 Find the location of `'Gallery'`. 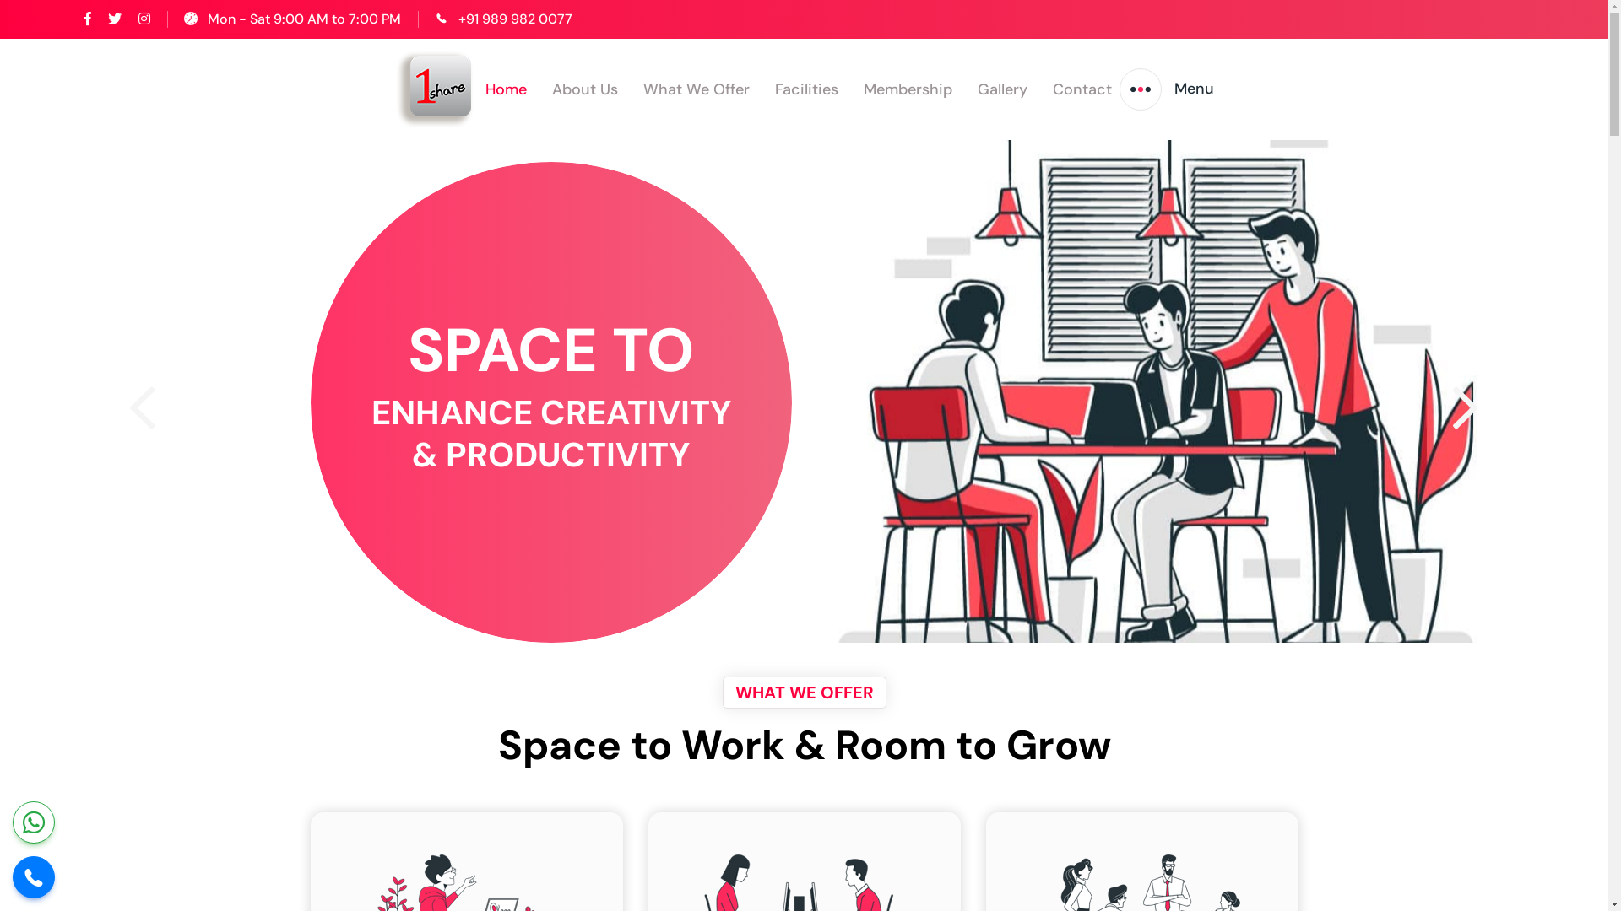

'Gallery' is located at coordinates (1002, 89).